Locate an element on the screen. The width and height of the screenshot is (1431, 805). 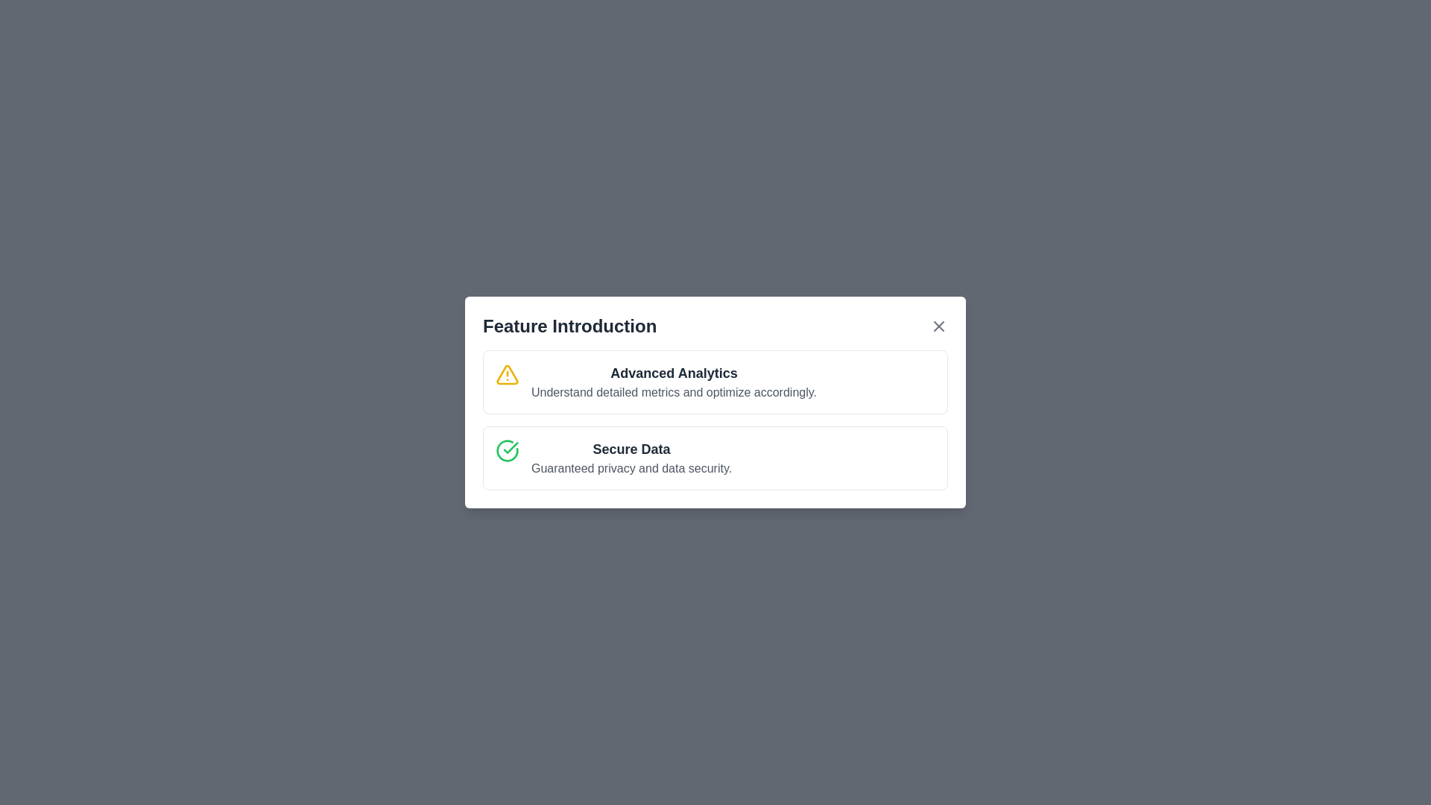
text content of the descriptive explanation located beneath the 'Advanced Analytics' heading in the 'Feature Introduction' dialog box is located at coordinates (673, 392).